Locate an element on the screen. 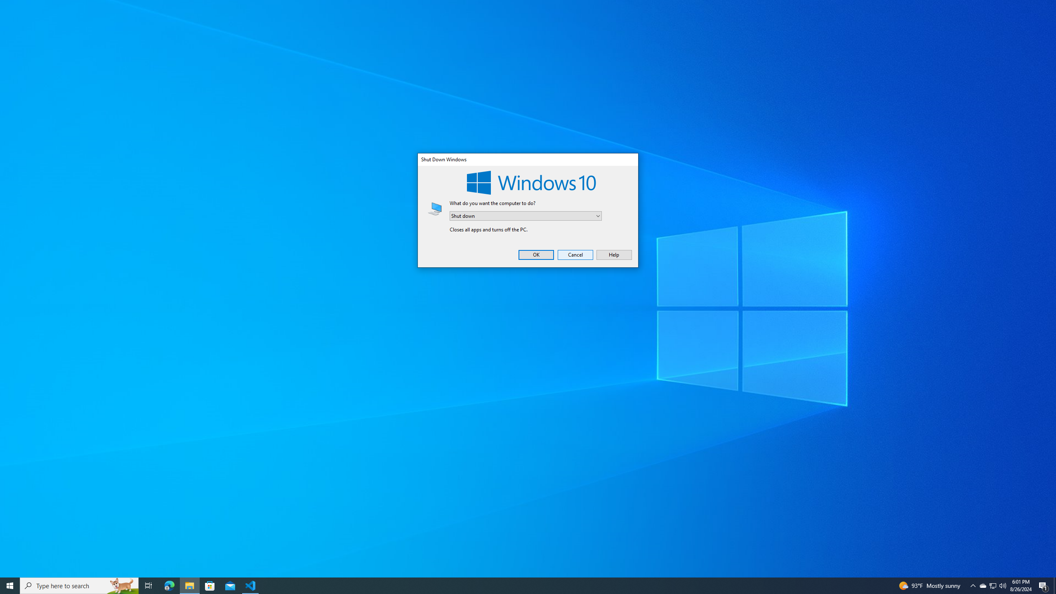 The width and height of the screenshot is (1056, 594). 'Task View' is located at coordinates (148, 585).